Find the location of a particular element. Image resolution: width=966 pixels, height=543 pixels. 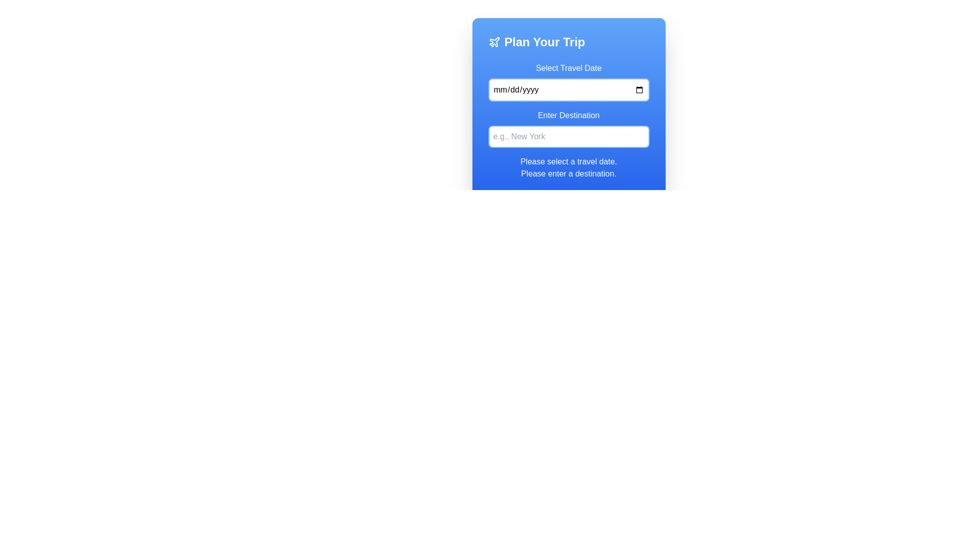

the destination text input field is located at coordinates (569, 128).